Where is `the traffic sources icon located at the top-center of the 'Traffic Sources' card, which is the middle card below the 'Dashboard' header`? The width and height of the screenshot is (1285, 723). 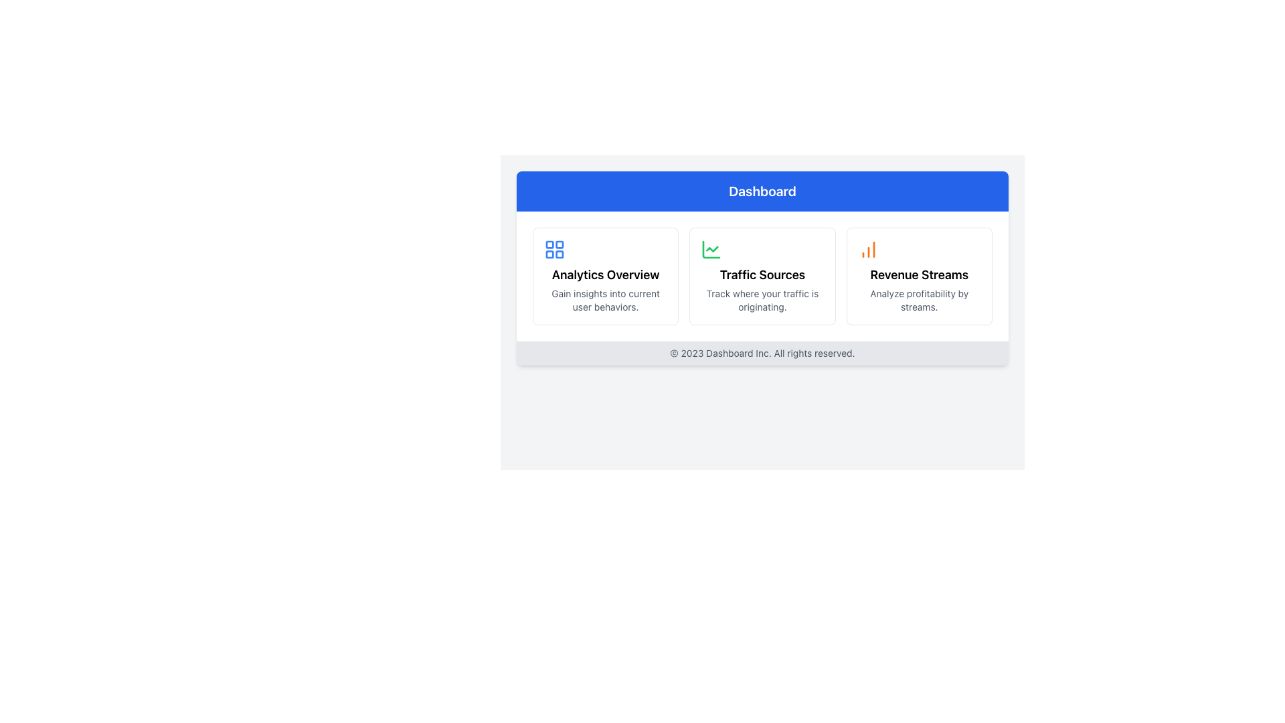
the traffic sources icon located at the top-center of the 'Traffic Sources' card, which is the middle card below the 'Dashboard' header is located at coordinates (711, 250).